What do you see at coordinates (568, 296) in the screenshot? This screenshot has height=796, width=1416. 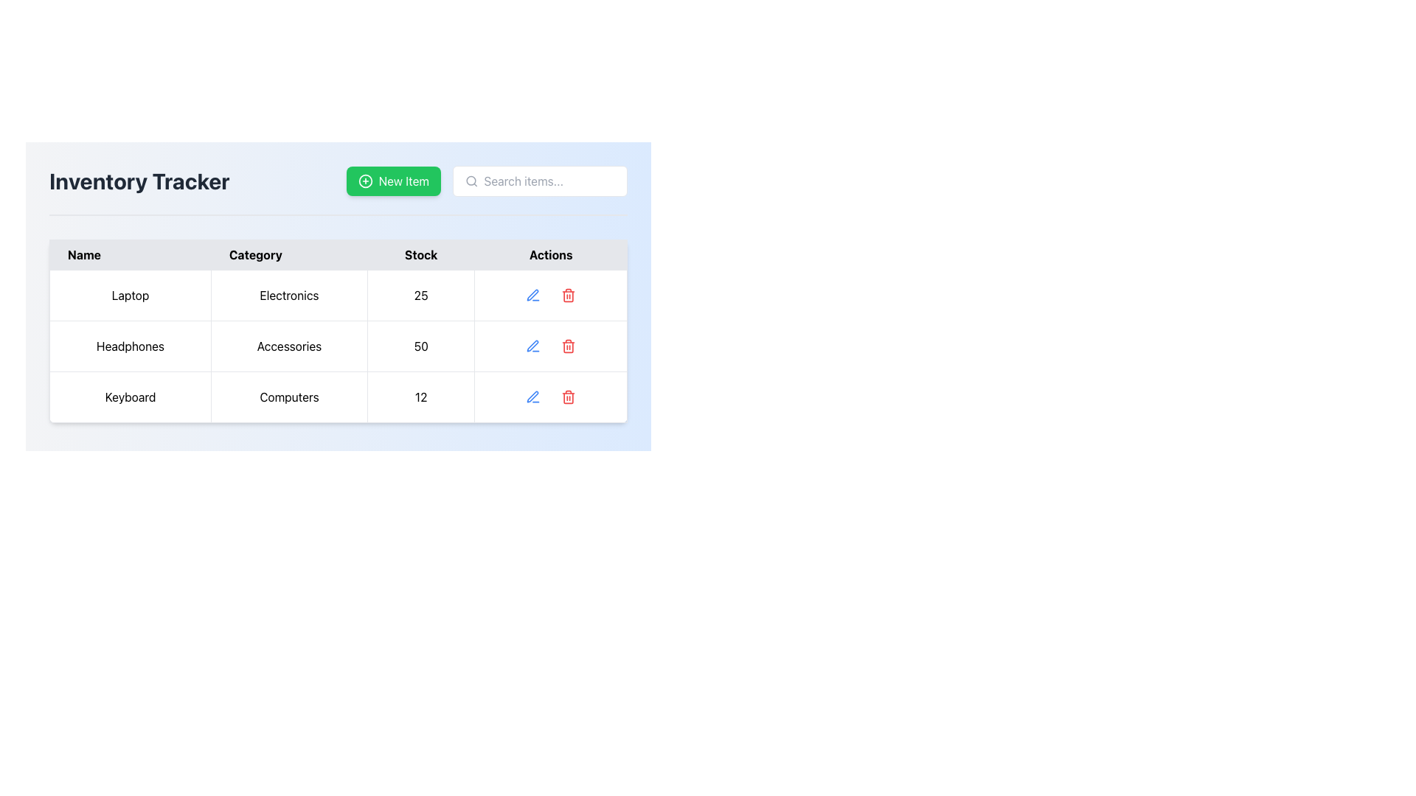 I see `the red trashcan icon button located in the 'Actions' column of the table, aligned with the first row for 'Laptop'` at bounding box center [568, 296].